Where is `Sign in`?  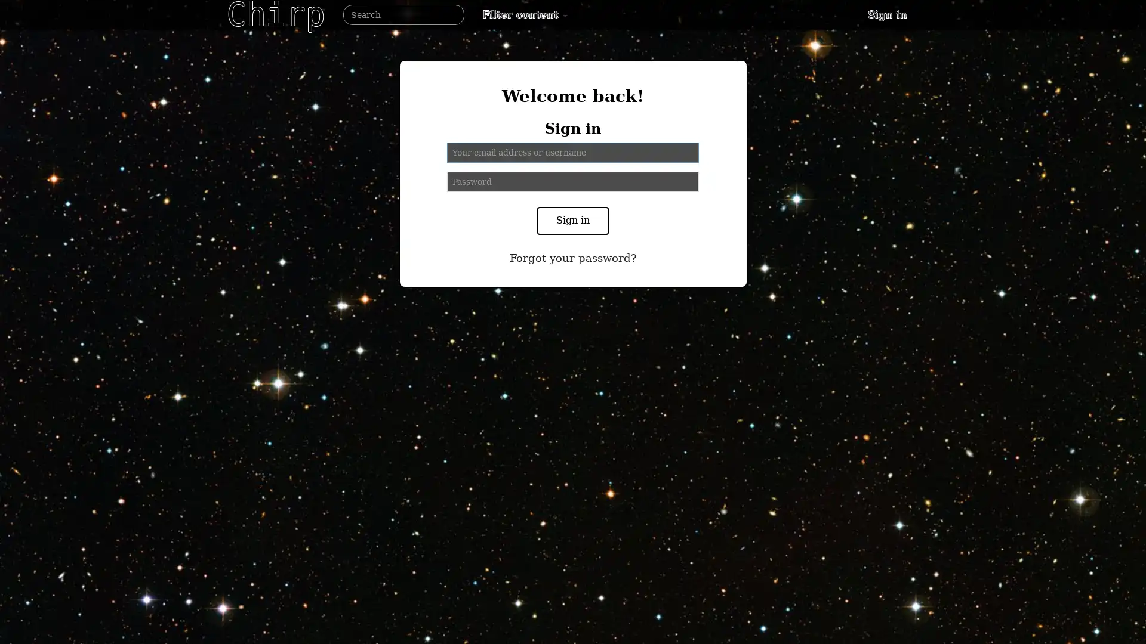
Sign in is located at coordinates (573, 221).